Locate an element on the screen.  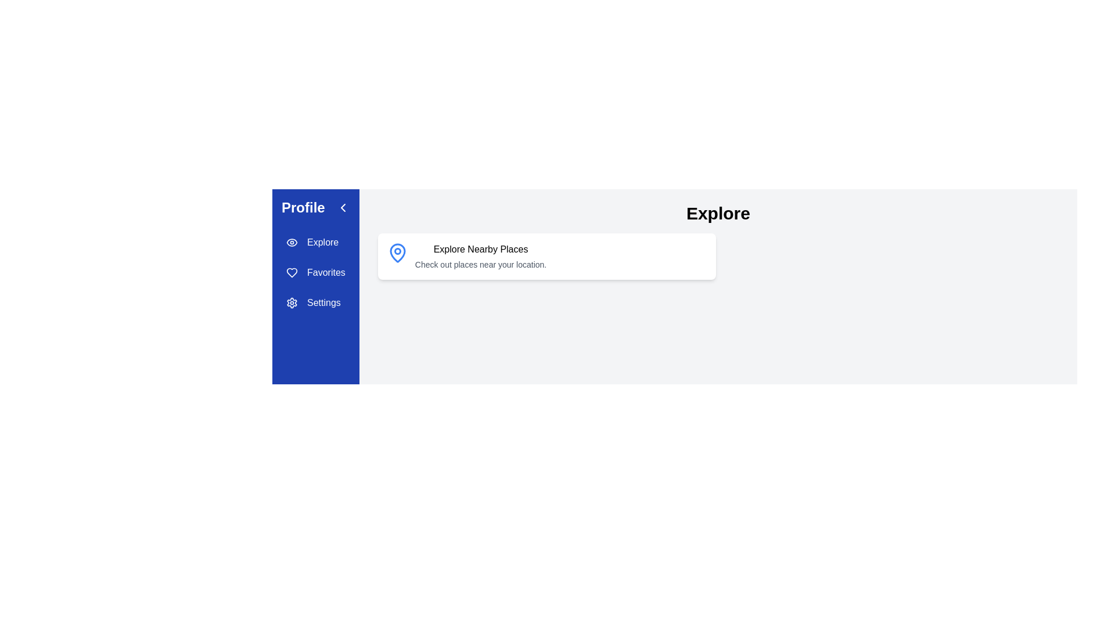
the back navigation button located at the top-right corner of the sidebar, next to the 'Profile' text is located at coordinates (342, 207).